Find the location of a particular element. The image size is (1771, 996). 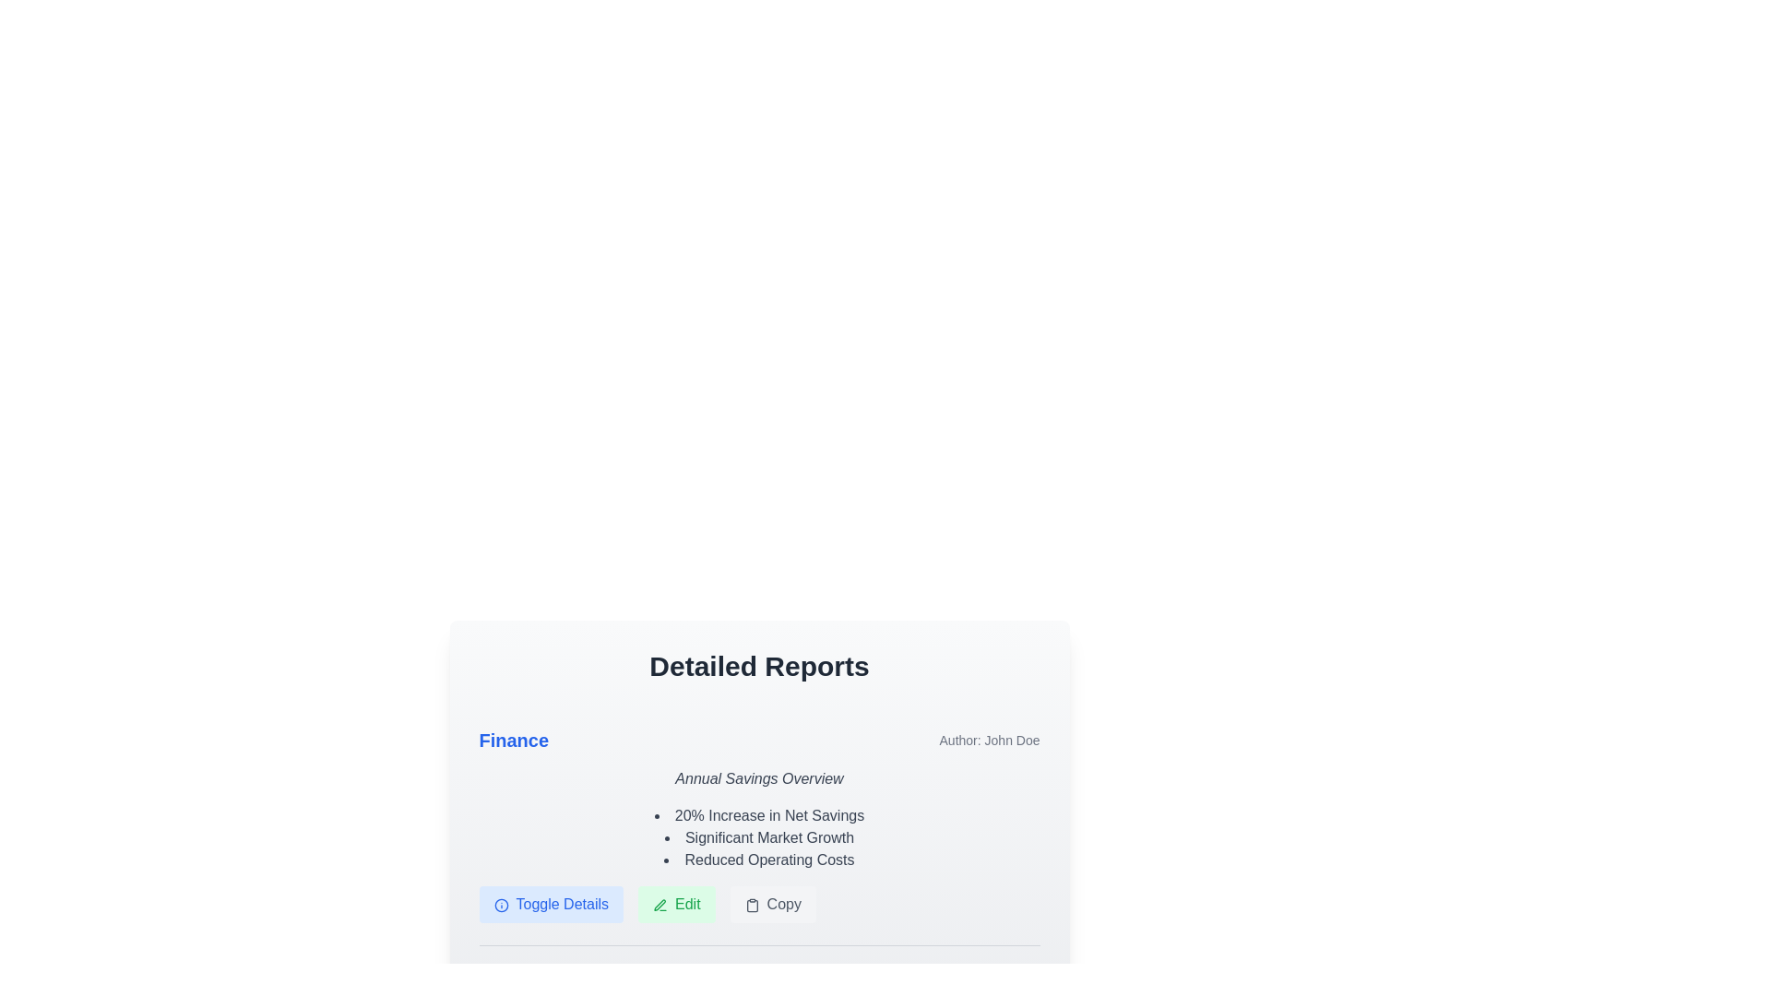

the first bullet point in the 'Annual Savings Overview' section that summarizes data about an increase in net savings is located at coordinates (759, 814).